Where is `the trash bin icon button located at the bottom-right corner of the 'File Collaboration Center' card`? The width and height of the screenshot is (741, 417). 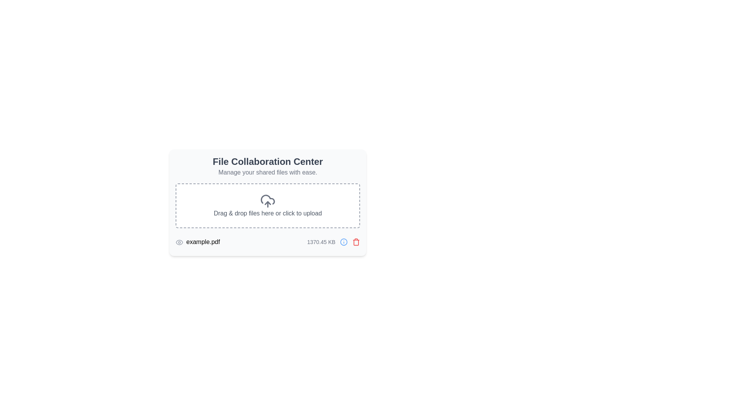
the trash bin icon button located at the bottom-right corner of the 'File Collaboration Center' card is located at coordinates (356, 242).